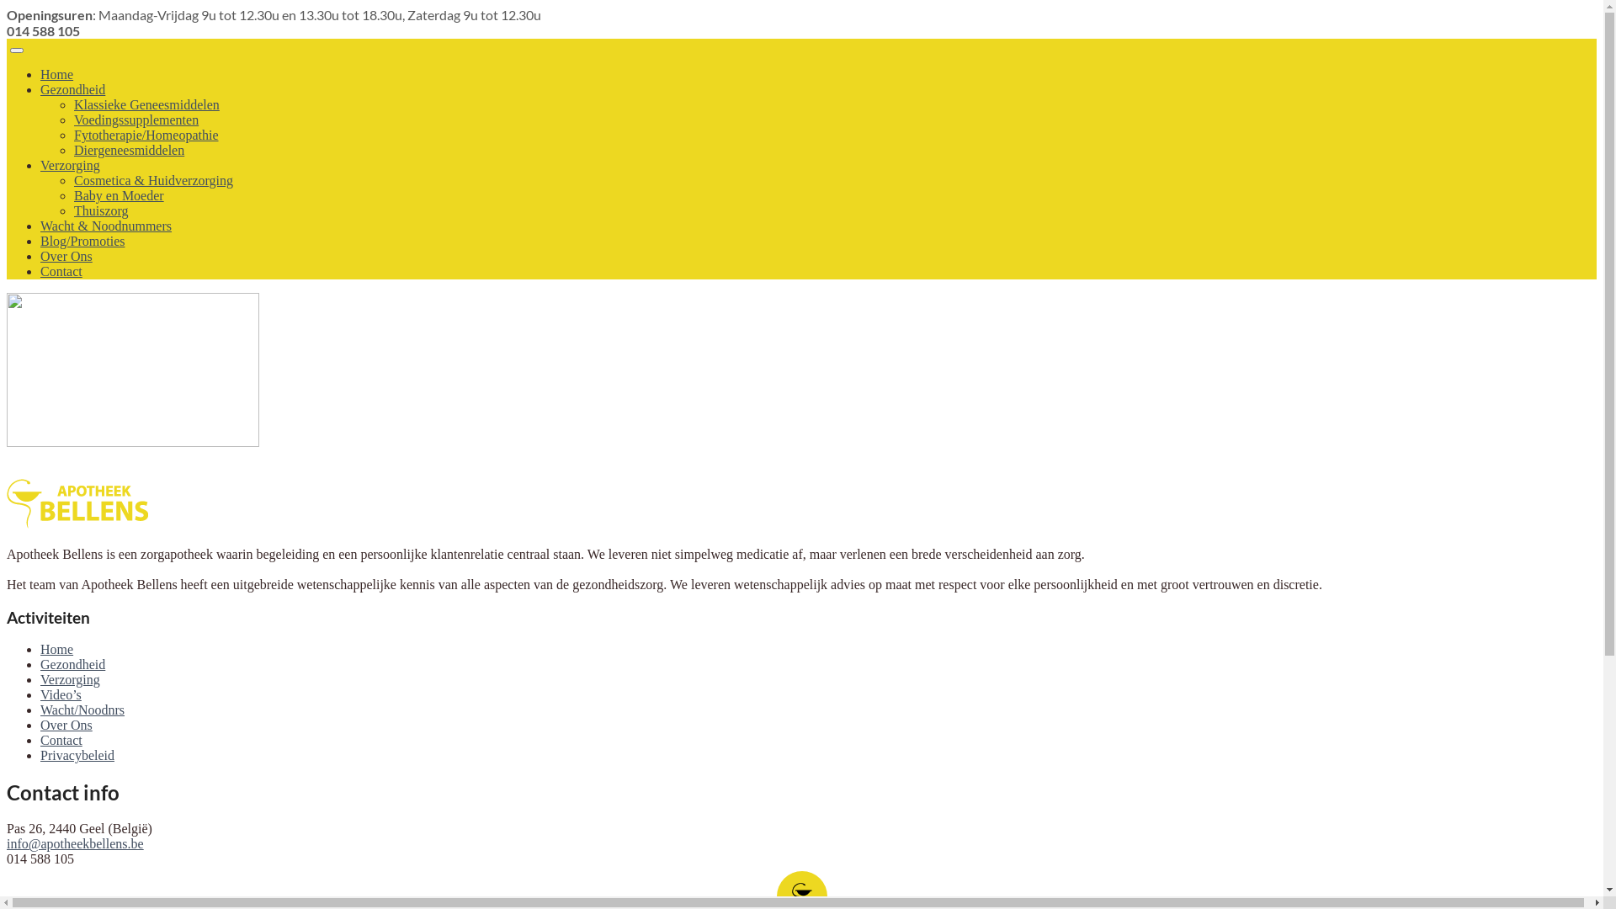 The width and height of the screenshot is (1616, 909). Describe the element at coordinates (81, 241) in the screenshot. I see `'Blog/Promoties'` at that location.